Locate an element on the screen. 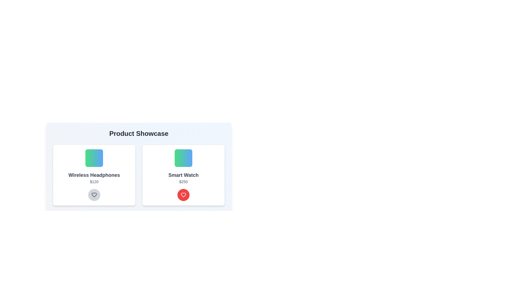 This screenshot has height=297, width=529. the product card for Wireless Headphones is located at coordinates (94, 175).